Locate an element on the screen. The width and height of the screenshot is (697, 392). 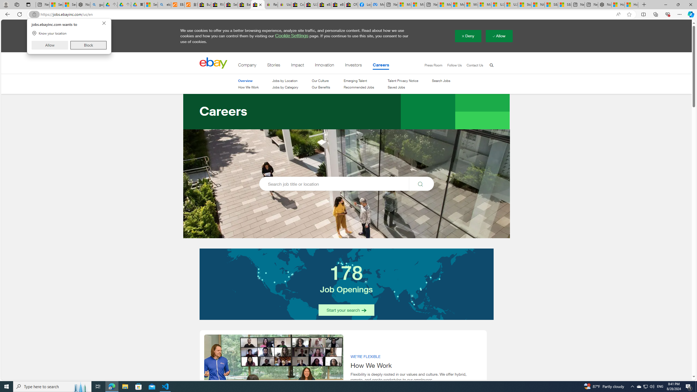
'Tray Input Indicator - English (United States)' is located at coordinates (660, 386).